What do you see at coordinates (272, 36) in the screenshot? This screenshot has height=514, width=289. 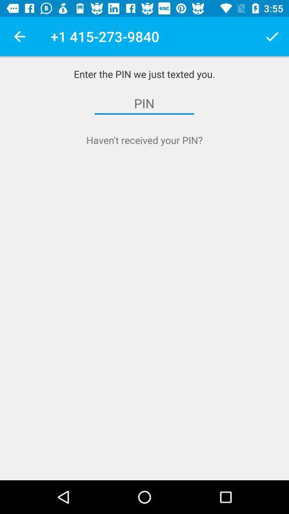 I see `the icon at the top right corner` at bounding box center [272, 36].